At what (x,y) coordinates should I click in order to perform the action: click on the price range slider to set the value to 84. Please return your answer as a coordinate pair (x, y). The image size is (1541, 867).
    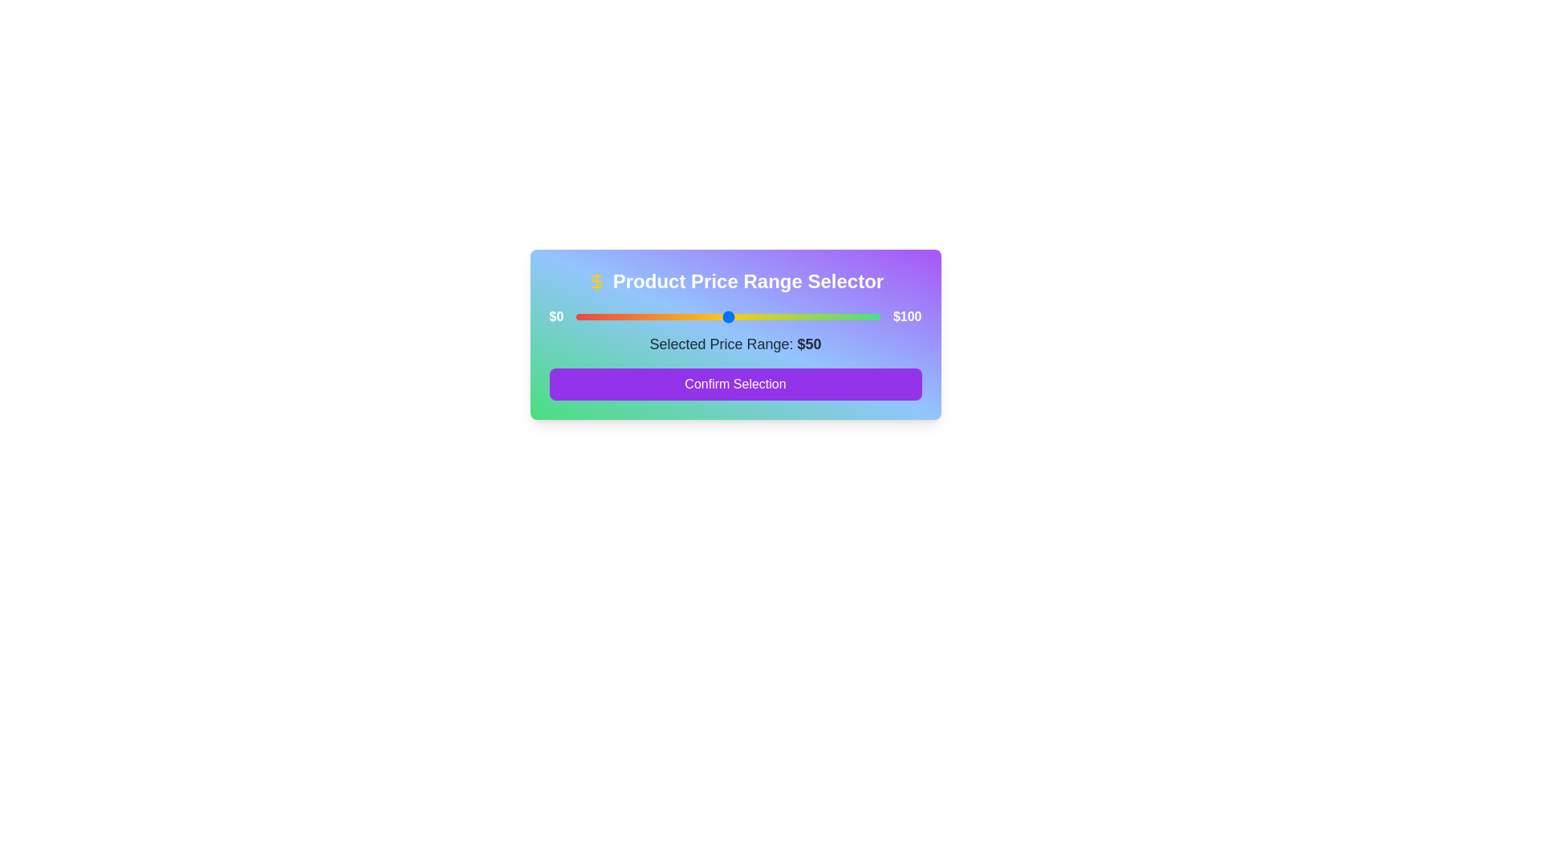
    Looking at the image, I should click on (831, 316).